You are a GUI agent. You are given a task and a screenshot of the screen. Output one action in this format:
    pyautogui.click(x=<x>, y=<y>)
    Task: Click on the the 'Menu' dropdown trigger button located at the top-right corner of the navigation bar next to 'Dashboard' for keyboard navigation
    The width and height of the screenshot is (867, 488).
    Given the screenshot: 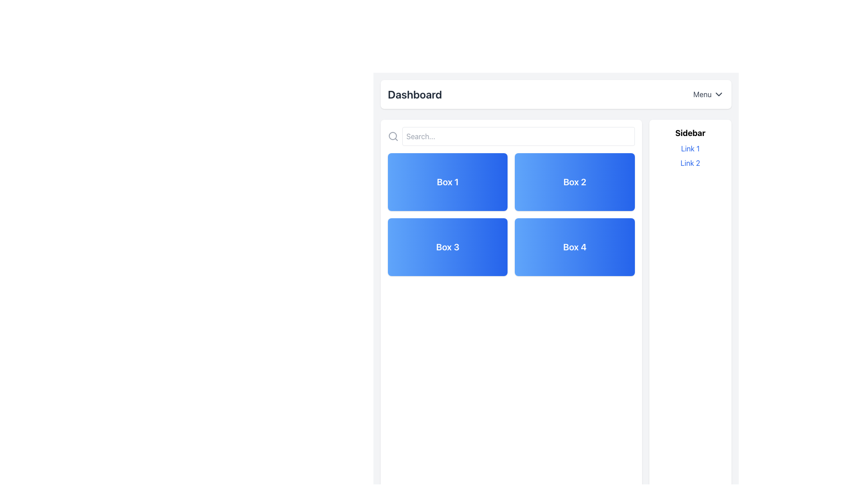 What is the action you would take?
    pyautogui.click(x=708, y=94)
    